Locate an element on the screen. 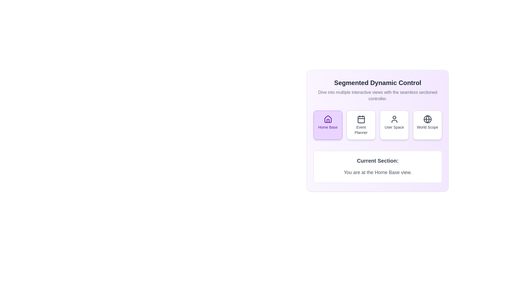 The image size is (510, 287). the static text label that provides additional information about the 'Segmented Dynamic Control', positioned beneath the heading and centered within the purple section is located at coordinates (377, 95).